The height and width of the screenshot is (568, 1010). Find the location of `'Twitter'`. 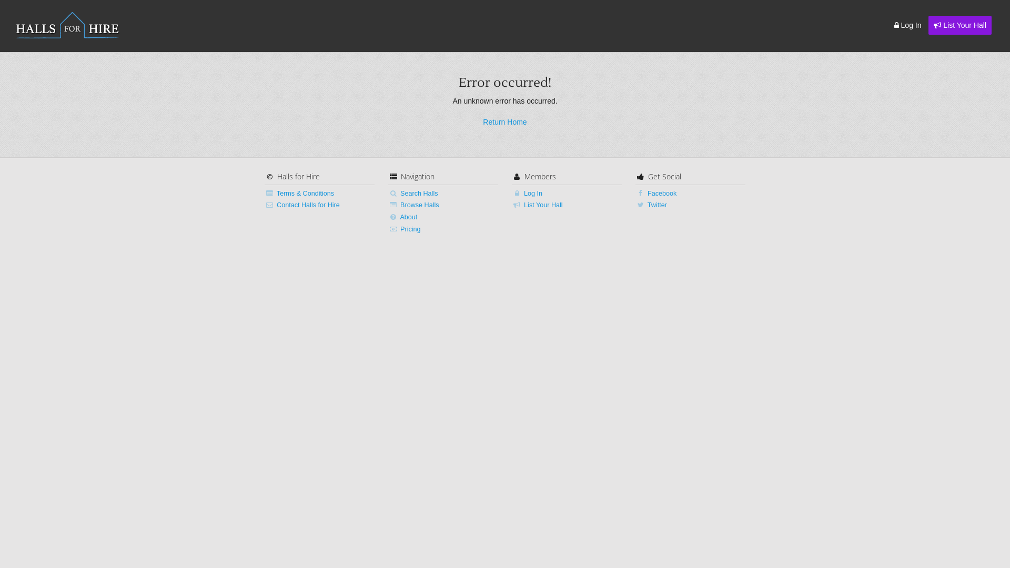

'Twitter' is located at coordinates (691, 205).